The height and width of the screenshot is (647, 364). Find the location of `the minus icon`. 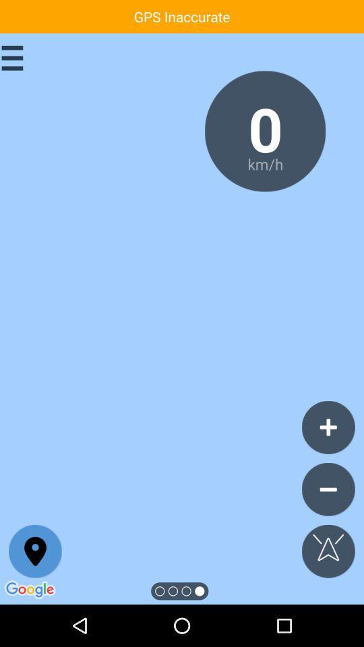

the minus icon is located at coordinates (328, 489).